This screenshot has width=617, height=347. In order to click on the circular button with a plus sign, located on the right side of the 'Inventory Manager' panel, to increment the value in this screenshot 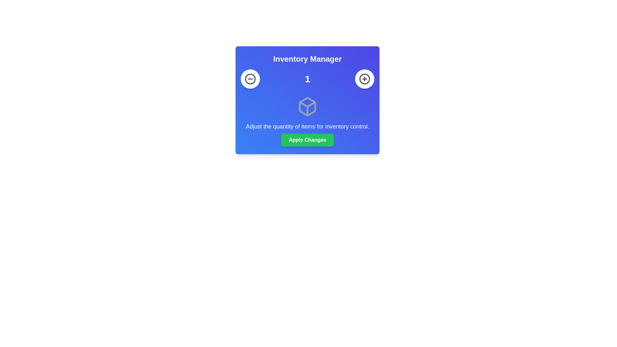, I will do `click(364, 79)`.